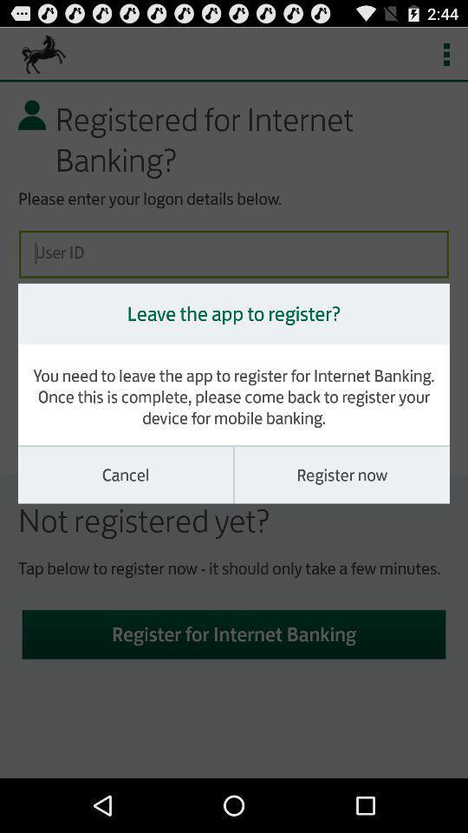 The width and height of the screenshot is (468, 833). I want to click on cancel, so click(125, 475).